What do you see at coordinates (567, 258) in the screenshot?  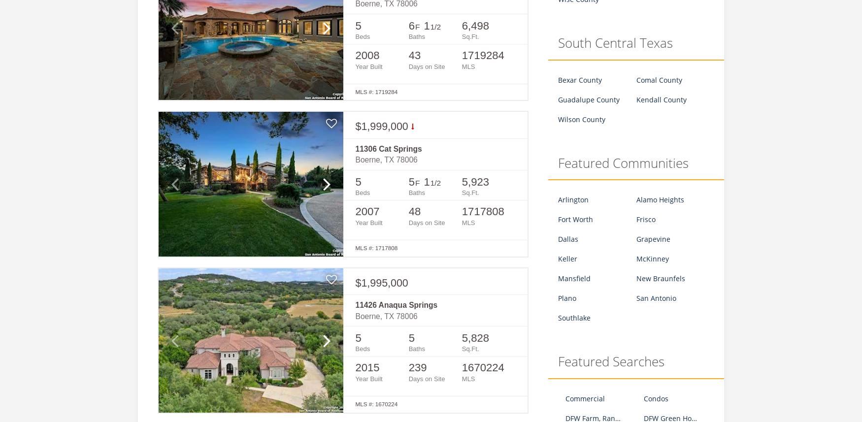 I see `'Keller'` at bounding box center [567, 258].